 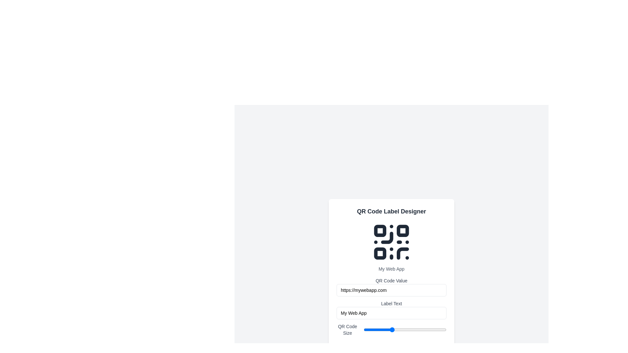 What do you see at coordinates (391, 304) in the screenshot?
I see `the 'Label Text' element, which is styled with a smaller font size and gray color, positioned below the 'QR Code Value' input field and above the 'My Web App' input field in the form layout` at bounding box center [391, 304].